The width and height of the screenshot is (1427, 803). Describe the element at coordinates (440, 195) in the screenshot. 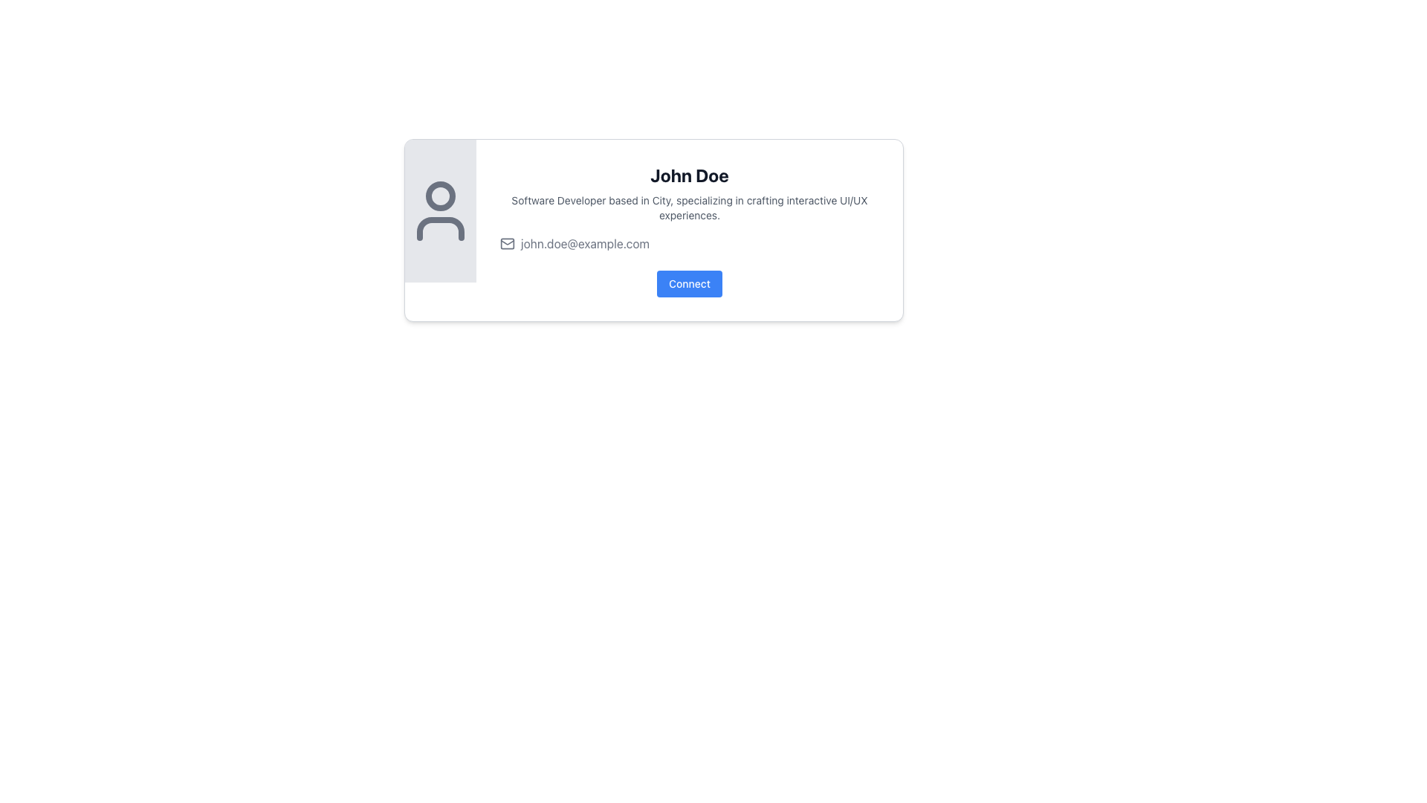

I see `the circular user icon head element with a gray outline, located at the top of the outlined human figure representation within the SVG graphic` at that location.